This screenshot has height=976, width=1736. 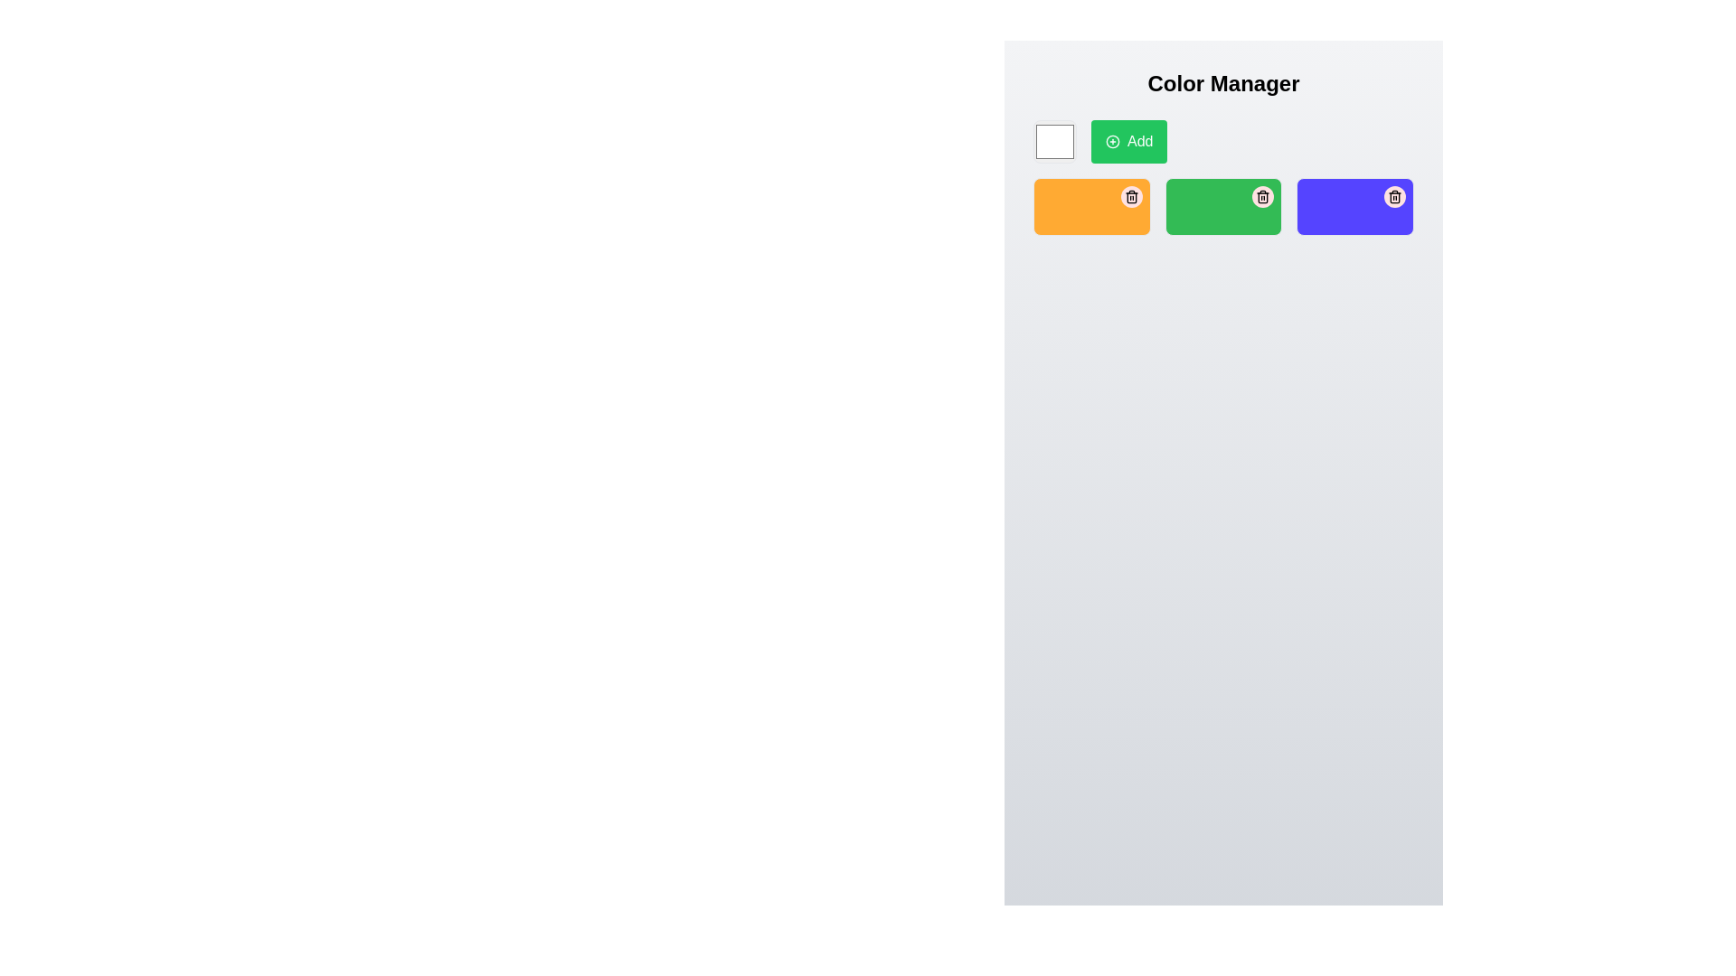 What do you see at coordinates (1130, 197) in the screenshot?
I see `the trash bin icon located in the top-right corner of the button on the leftmost yellow rectangular card` at bounding box center [1130, 197].